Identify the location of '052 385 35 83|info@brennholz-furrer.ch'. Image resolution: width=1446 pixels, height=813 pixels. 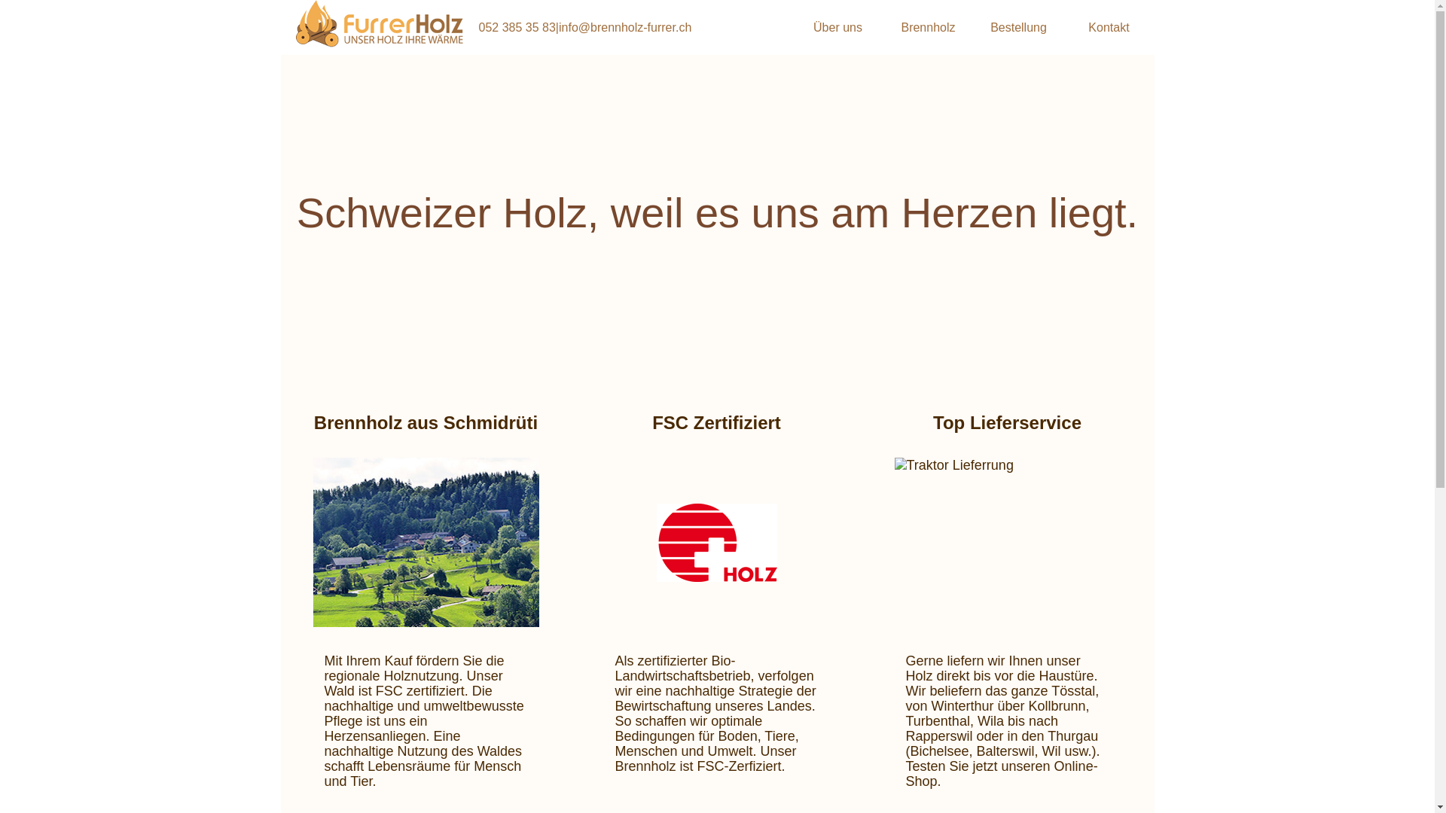
(584, 27).